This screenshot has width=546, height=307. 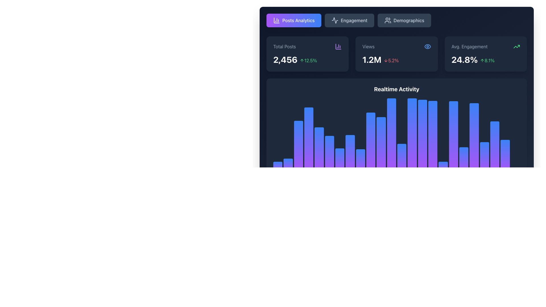 What do you see at coordinates (329, 165) in the screenshot?
I see `the sixth vertical bar in the bar chart, which is distinctively short with a gradient fill from blue to purple and rounded top corners` at bounding box center [329, 165].